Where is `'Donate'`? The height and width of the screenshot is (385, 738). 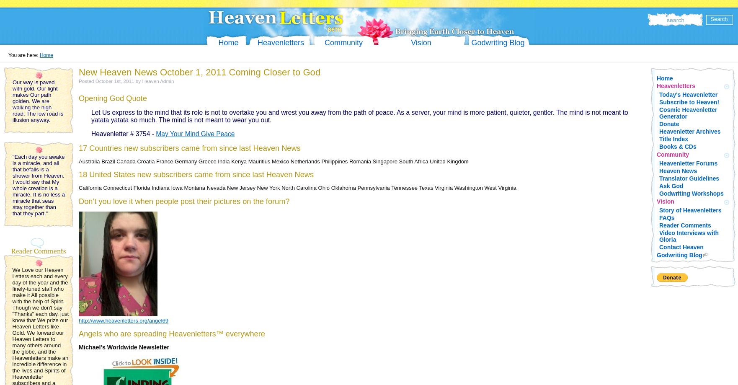
'Donate' is located at coordinates (668, 124).